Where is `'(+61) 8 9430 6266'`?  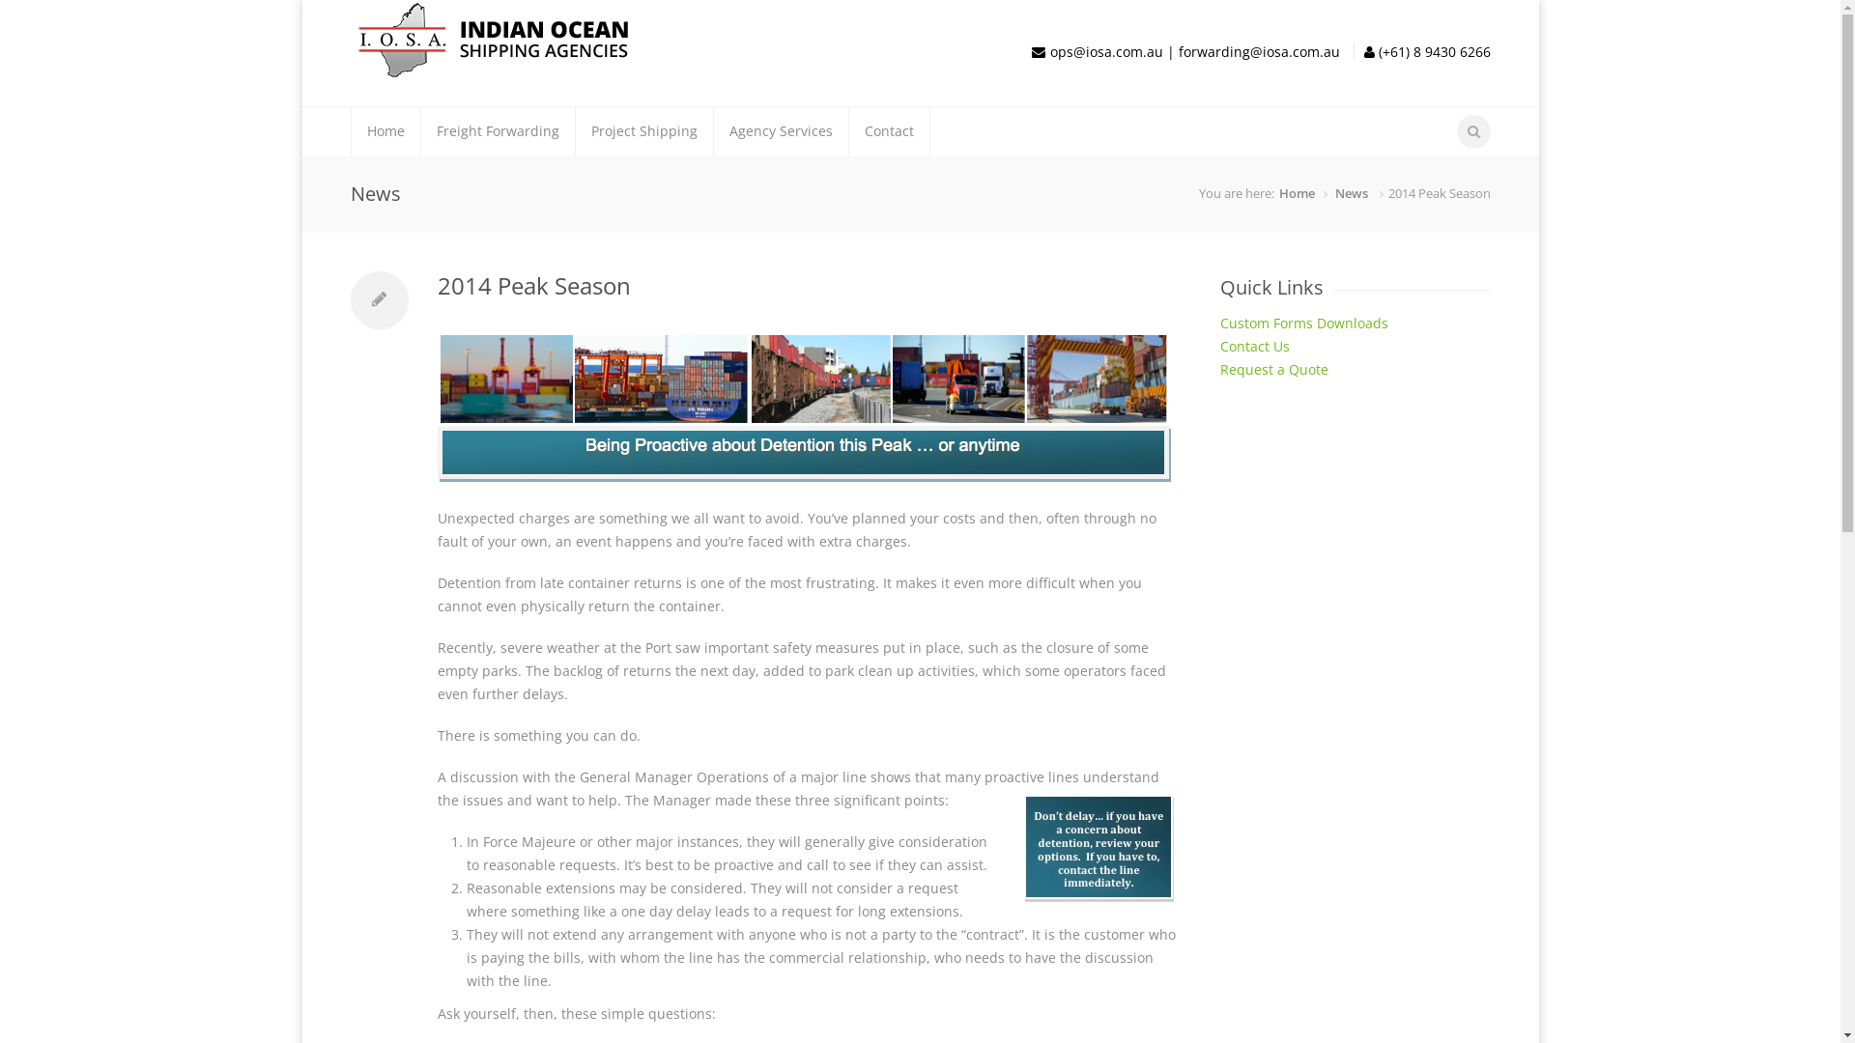
'(+61) 8 9430 6266' is located at coordinates (1432, 50).